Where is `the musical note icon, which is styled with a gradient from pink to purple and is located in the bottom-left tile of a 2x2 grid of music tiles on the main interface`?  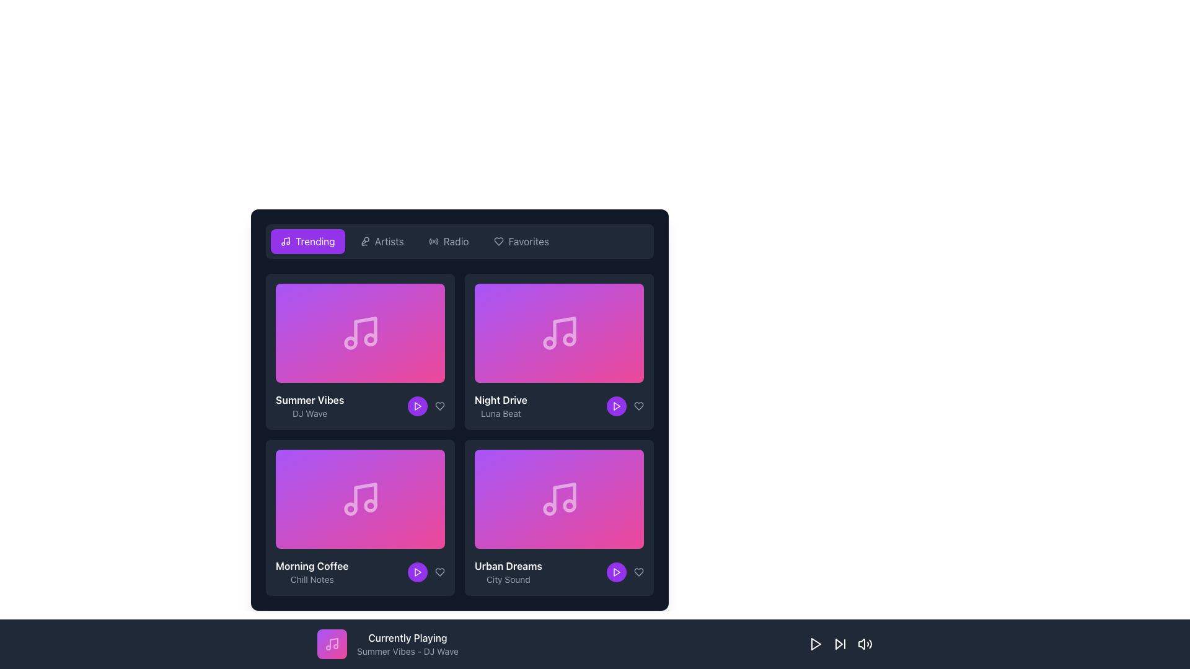
the musical note icon, which is styled with a gradient from pink to purple and is located in the bottom-left tile of a 2x2 grid of music tiles on the main interface is located at coordinates (359, 499).